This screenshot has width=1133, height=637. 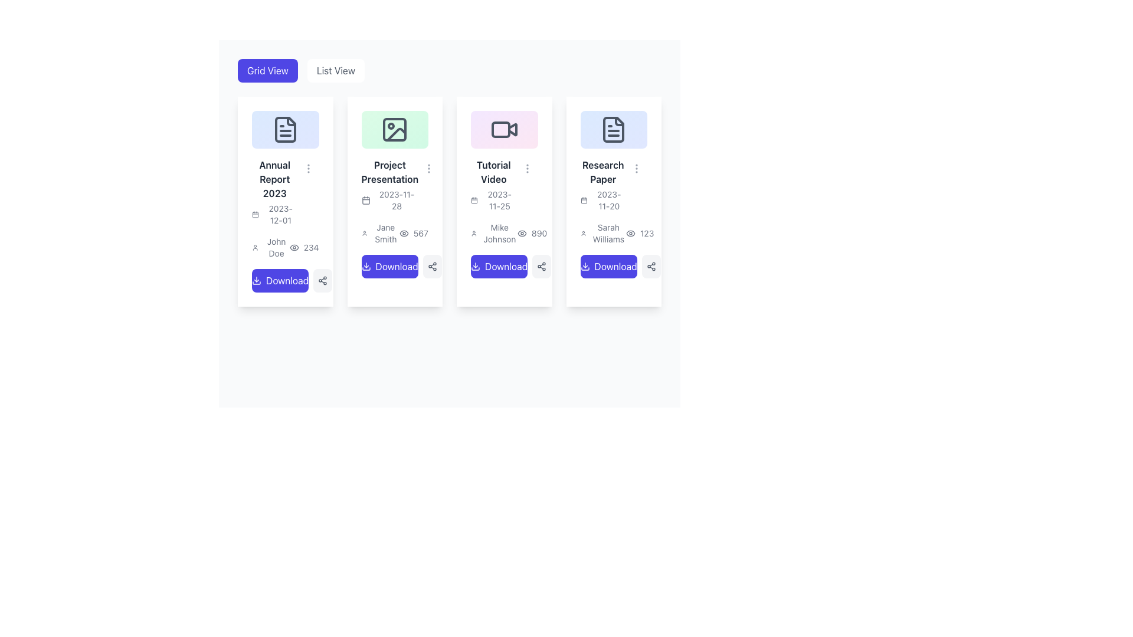 I want to click on the Information card with a download button, which is the second card from the left in a horizontal group of similar cards, so click(x=395, y=193).